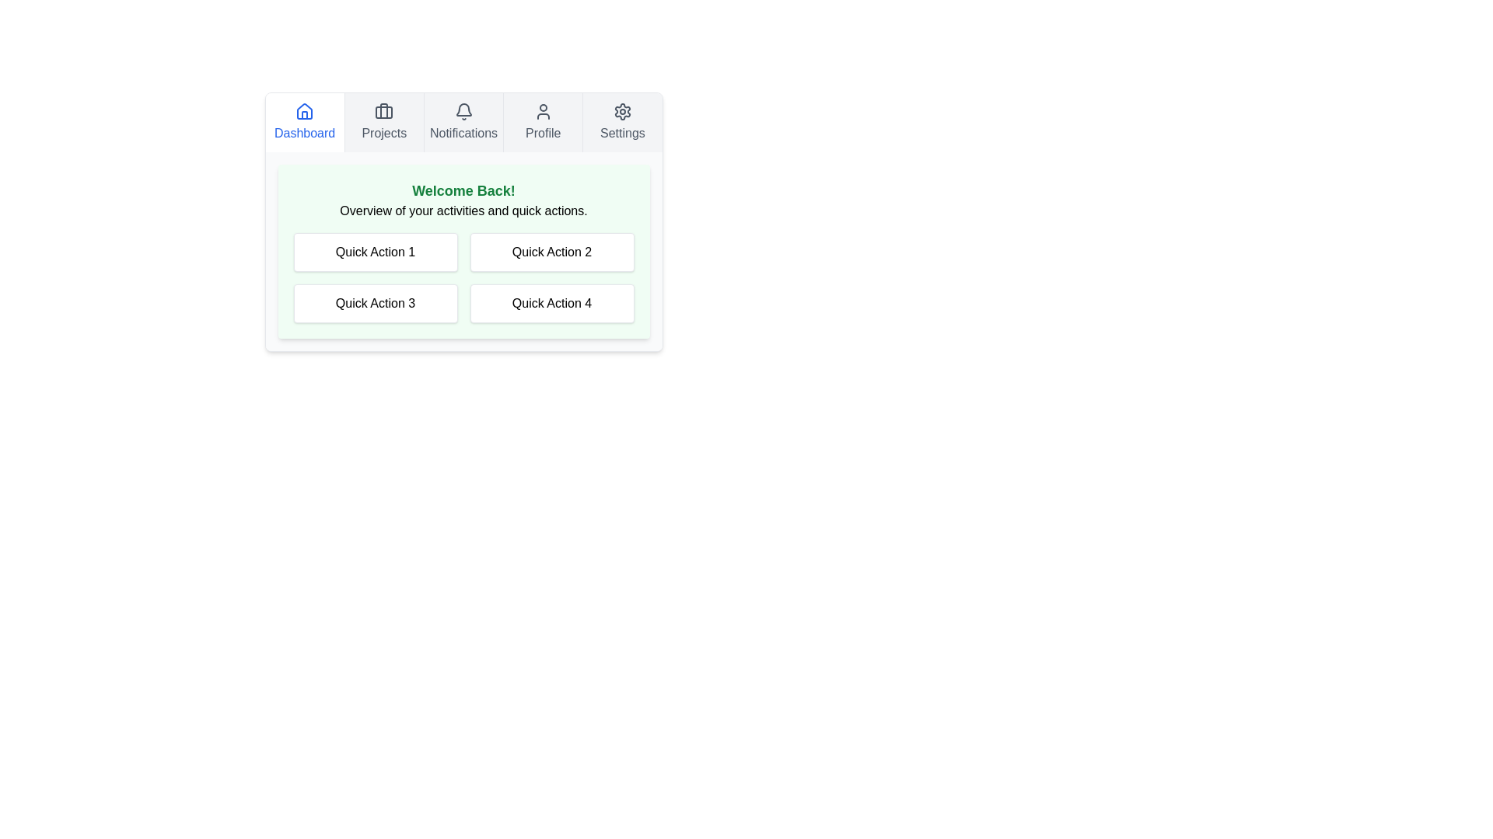  I want to click on the 'Notifications' button in the horizontal navigation menu, which is styled with a gray bell icon and a soft gray background, so click(462, 122).